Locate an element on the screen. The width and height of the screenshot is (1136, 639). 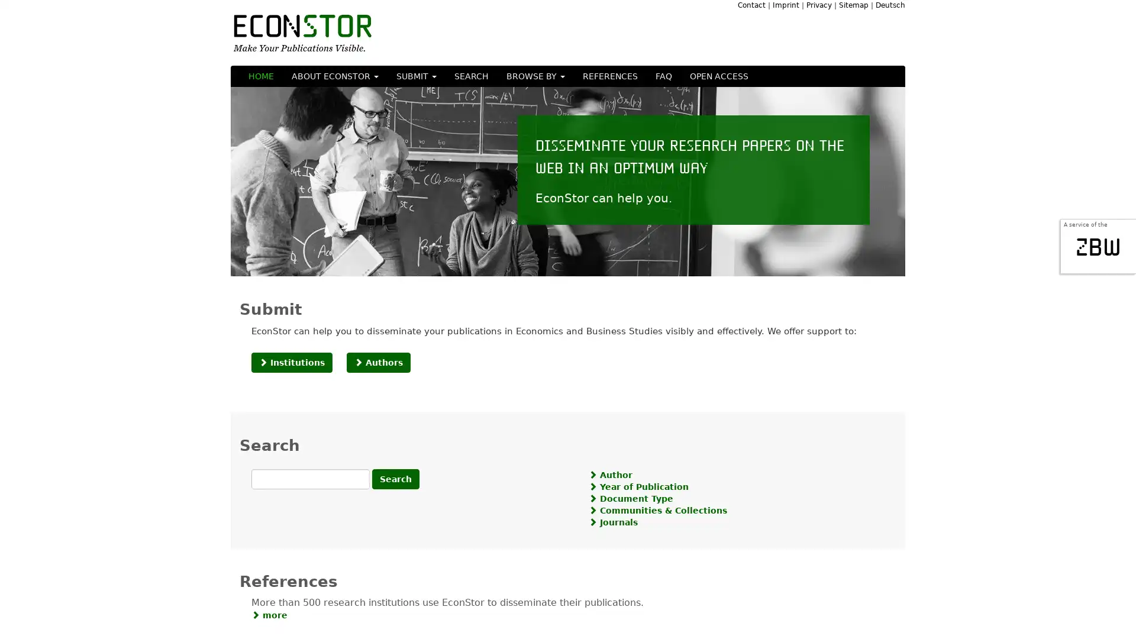
Search is located at coordinates (395, 478).